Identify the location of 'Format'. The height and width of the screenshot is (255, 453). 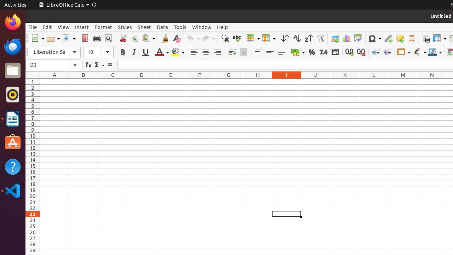
(103, 27).